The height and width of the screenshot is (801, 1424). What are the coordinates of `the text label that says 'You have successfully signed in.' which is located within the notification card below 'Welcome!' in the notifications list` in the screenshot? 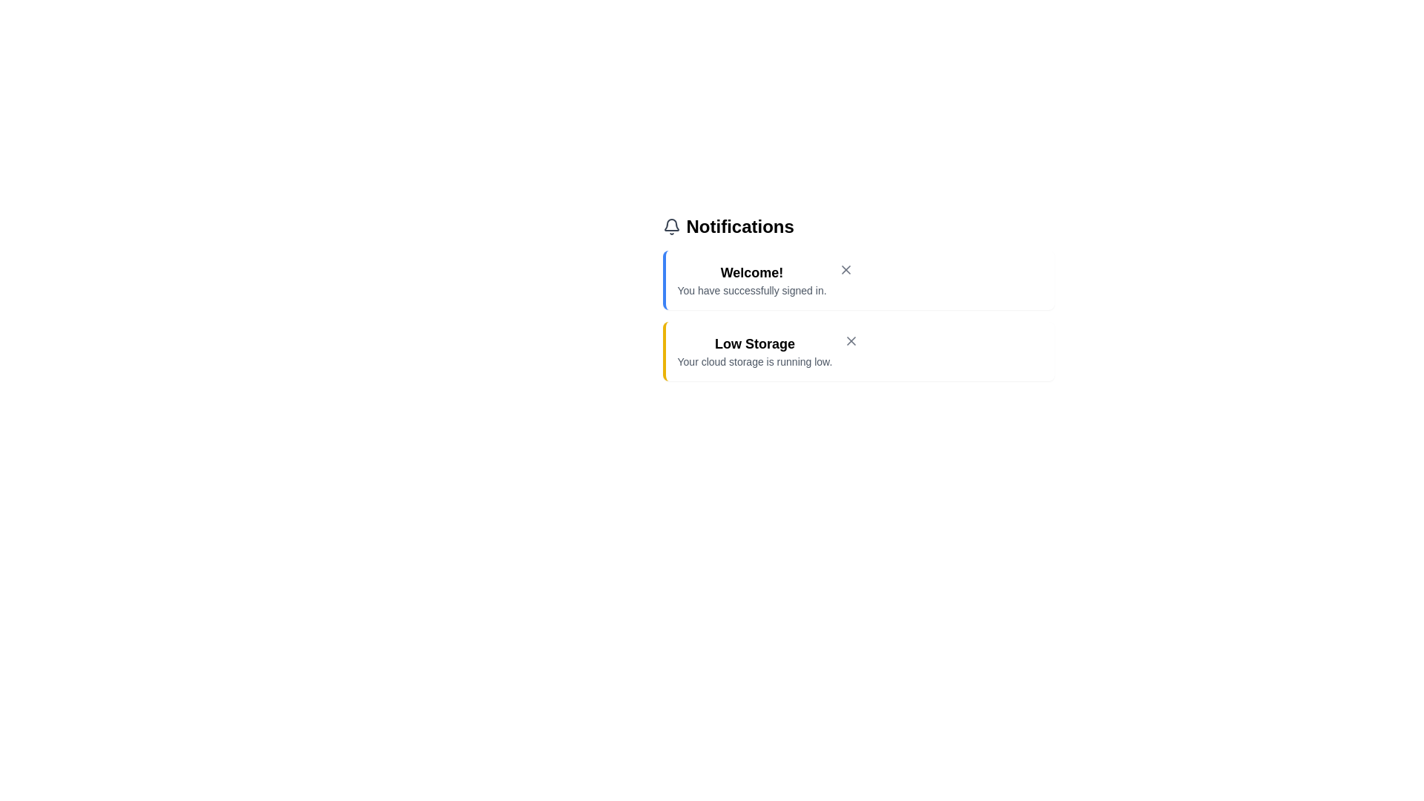 It's located at (751, 291).